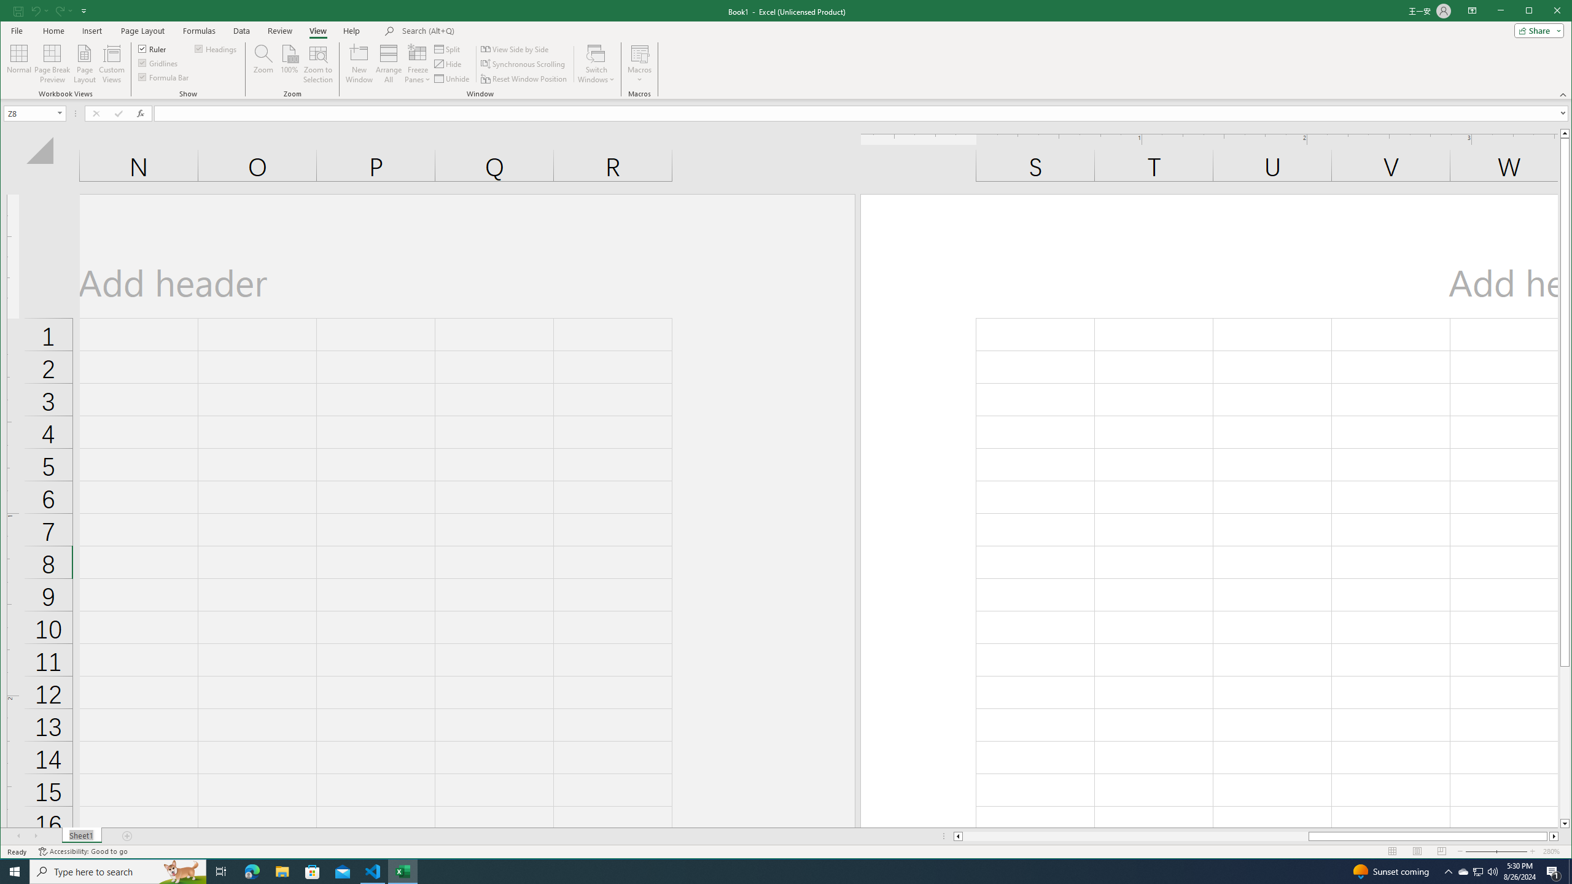 This screenshot has height=884, width=1572. I want to click on 'Split', so click(448, 49).